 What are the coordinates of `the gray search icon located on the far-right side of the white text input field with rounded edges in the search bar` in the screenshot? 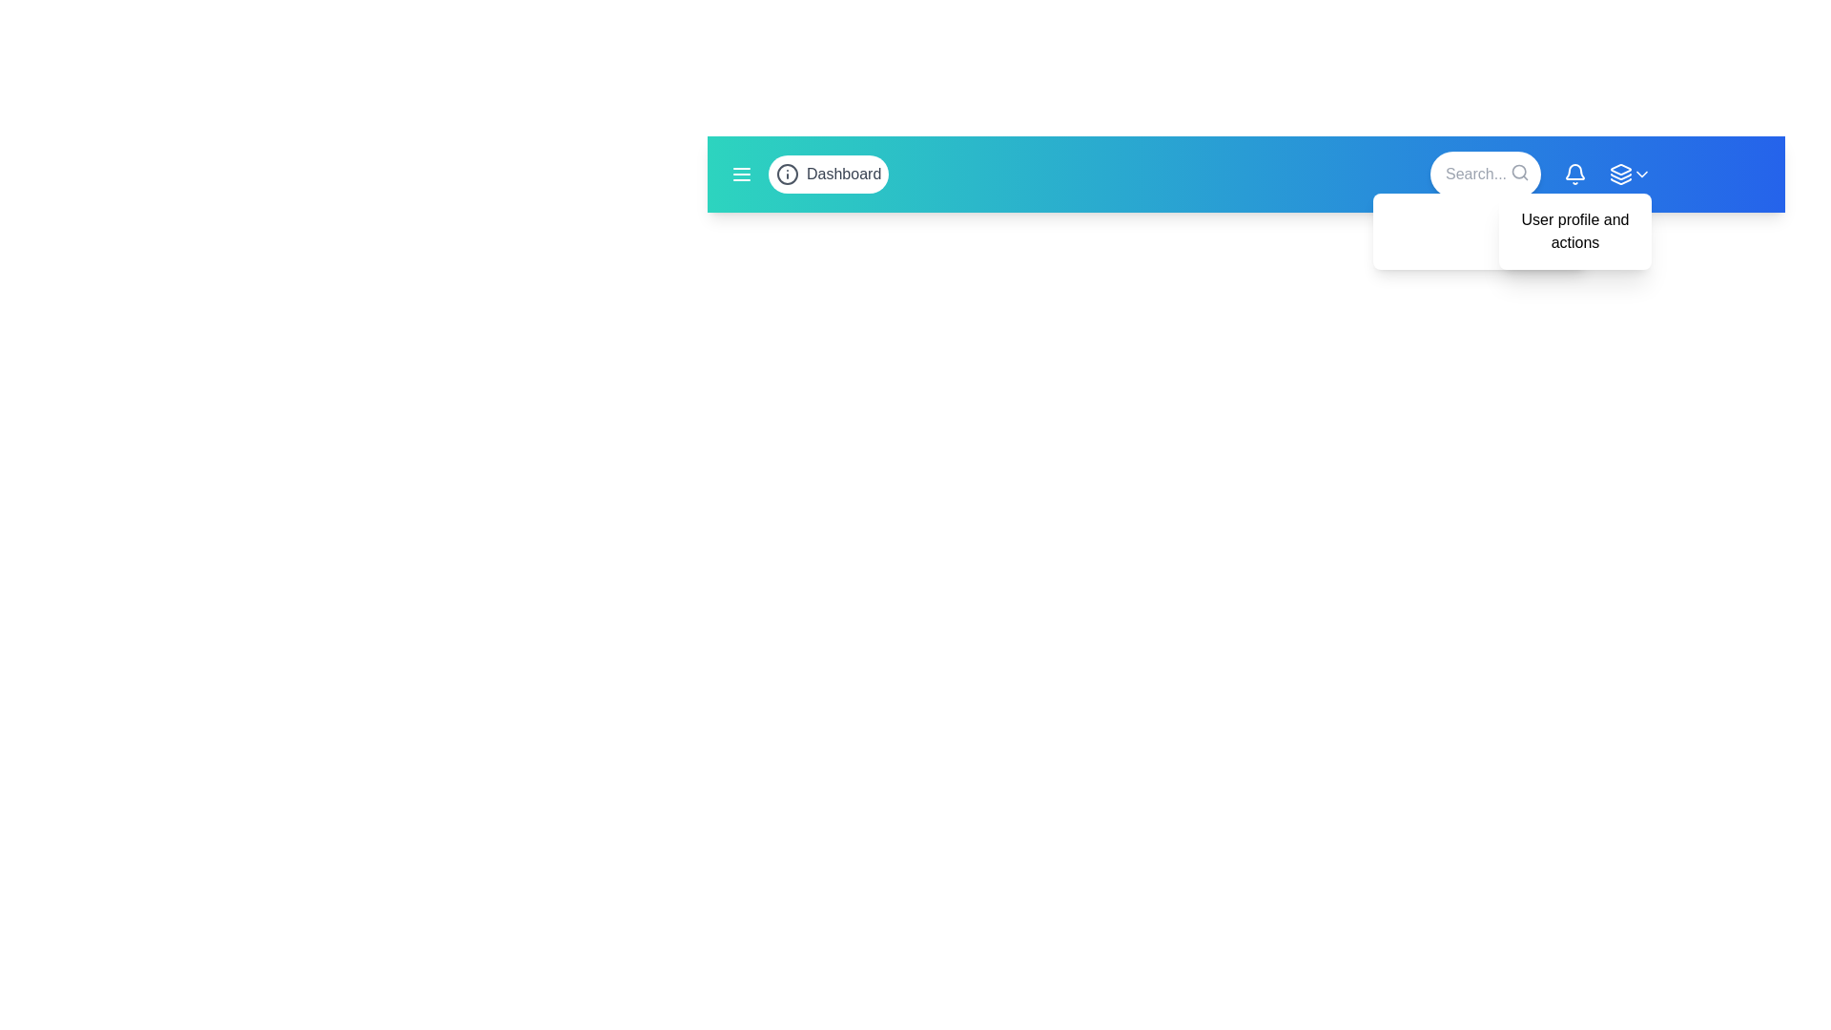 It's located at (1485, 174).